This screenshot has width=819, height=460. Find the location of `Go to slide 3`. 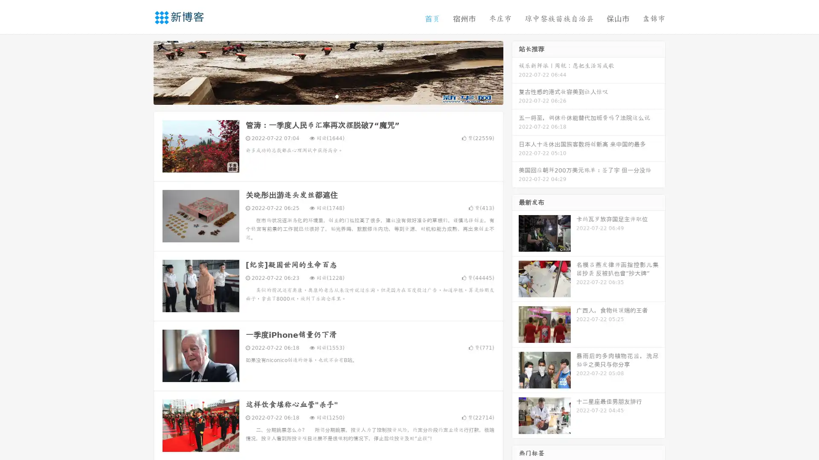

Go to slide 3 is located at coordinates (337, 96).